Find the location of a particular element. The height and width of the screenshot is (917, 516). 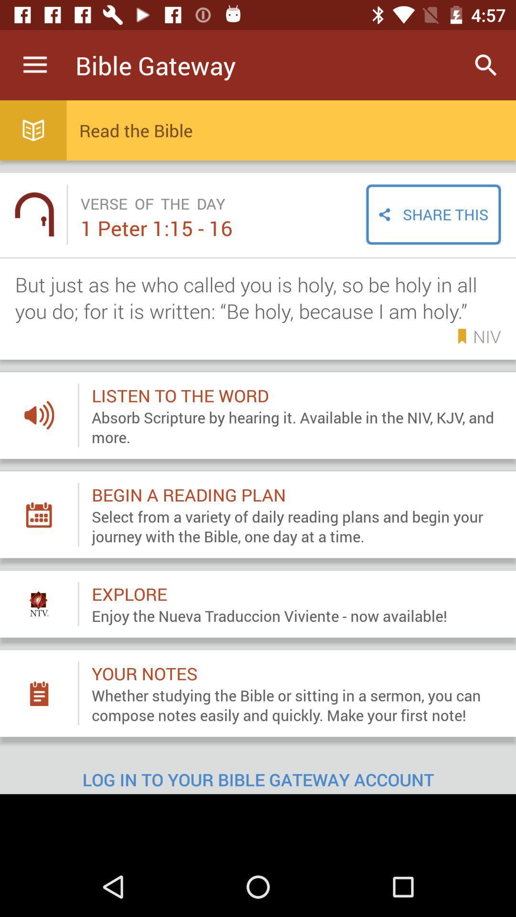

icon to the right of the bible gateway is located at coordinates (486, 64).